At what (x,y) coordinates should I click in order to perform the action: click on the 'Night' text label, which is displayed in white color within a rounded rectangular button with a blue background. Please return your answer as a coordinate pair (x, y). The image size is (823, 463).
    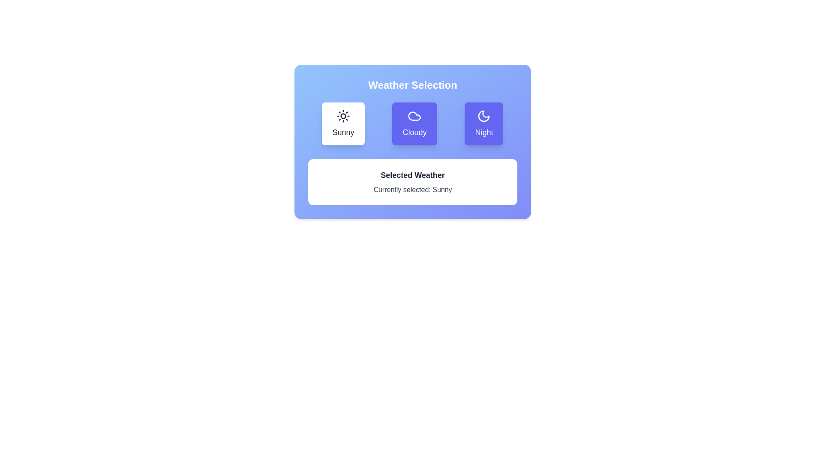
    Looking at the image, I should click on (484, 132).